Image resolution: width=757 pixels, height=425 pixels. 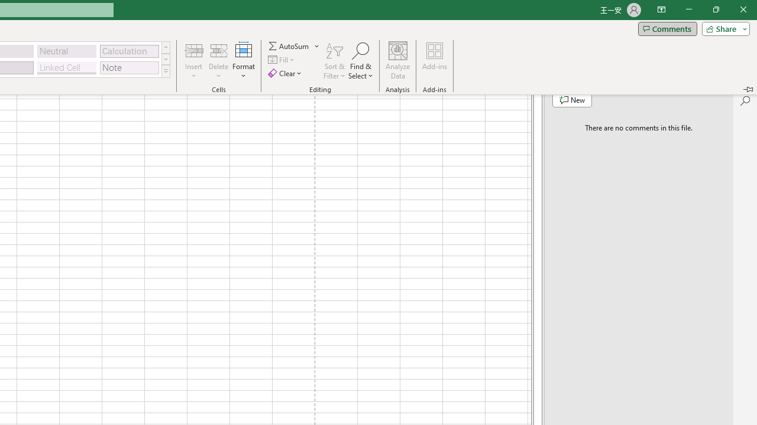 What do you see at coordinates (723, 28) in the screenshot?
I see `'Share'` at bounding box center [723, 28].